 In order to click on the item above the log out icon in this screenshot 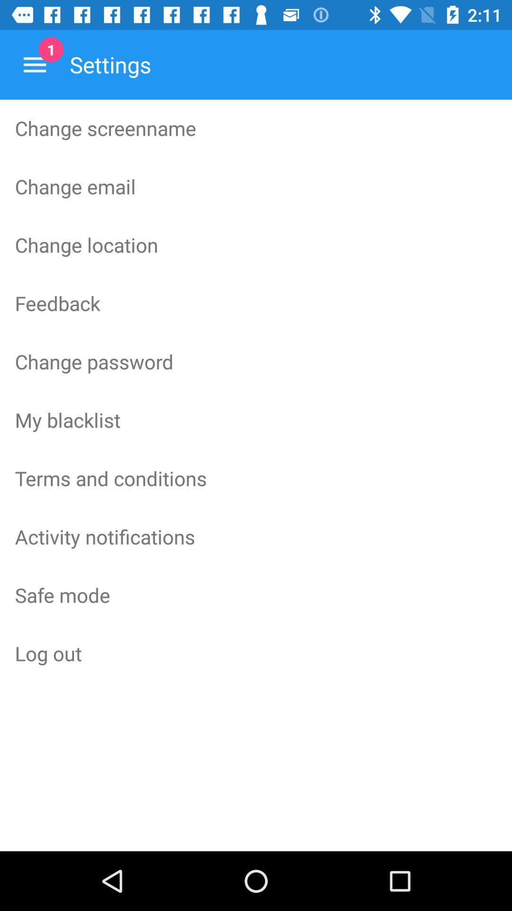, I will do `click(256, 594)`.